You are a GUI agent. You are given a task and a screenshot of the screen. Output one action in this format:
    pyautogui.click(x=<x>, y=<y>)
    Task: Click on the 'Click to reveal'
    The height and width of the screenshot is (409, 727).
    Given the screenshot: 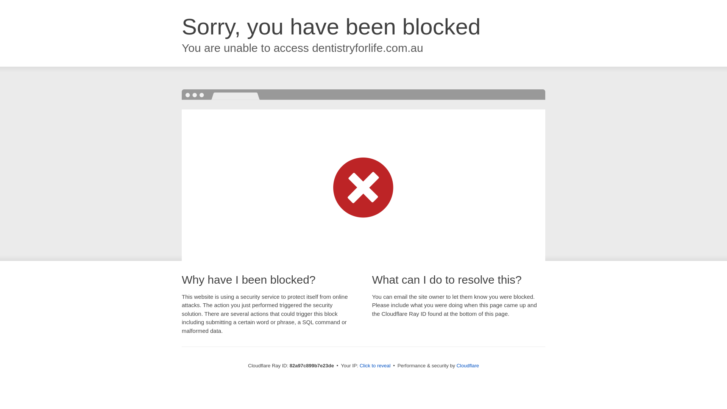 What is the action you would take?
    pyautogui.click(x=375, y=365)
    